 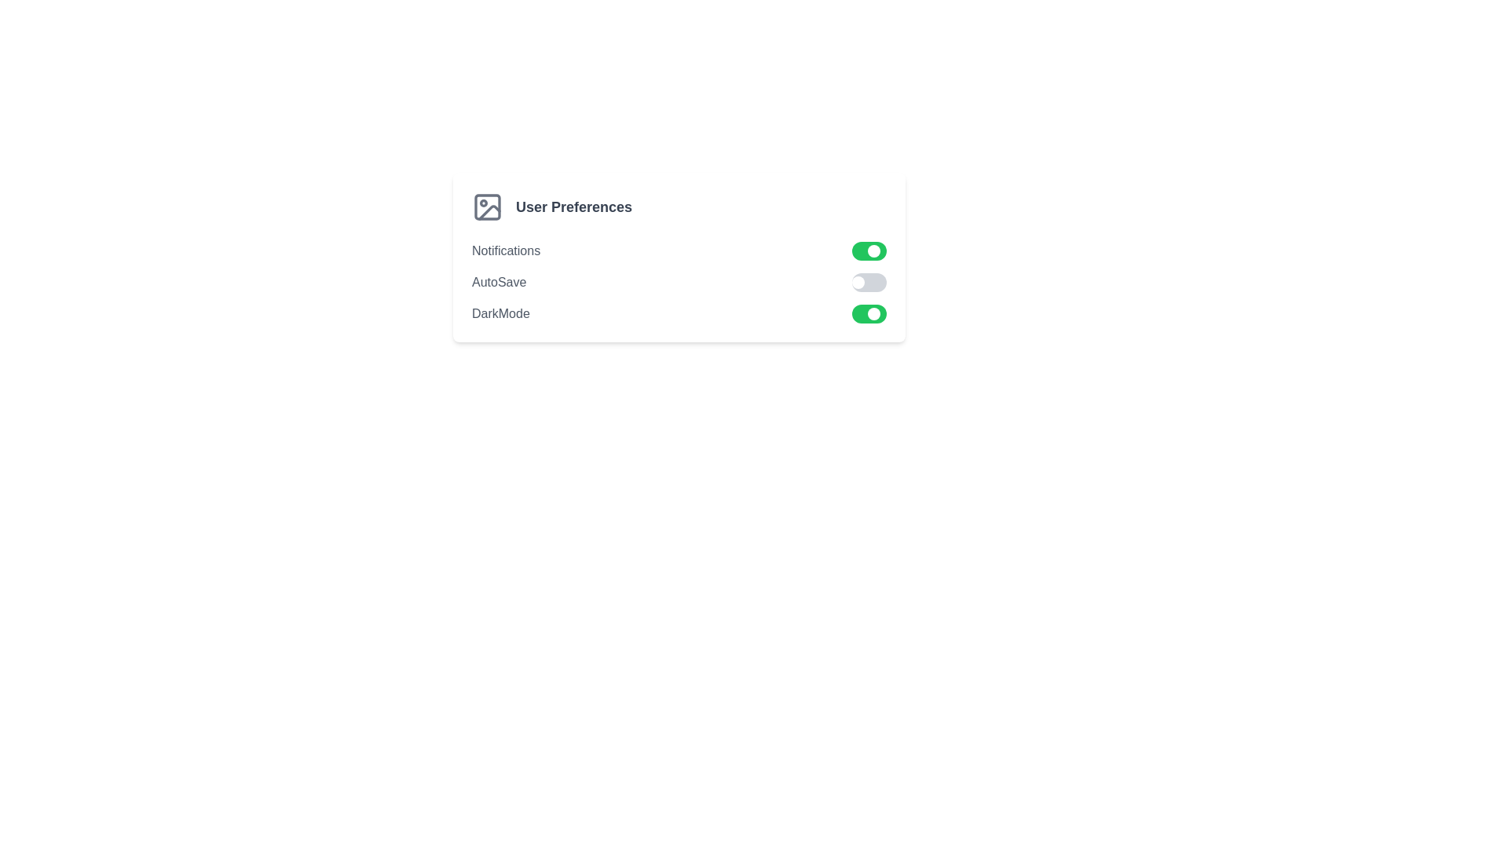 What do you see at coordinates (869, 281) in the screenshot?
I see `the Toggle Switch element that is styled with a gray background and a white circular toggle button, indicating the 'off' state, positioned next to the 'AutoSave' label` at bounding box center [869, 281].